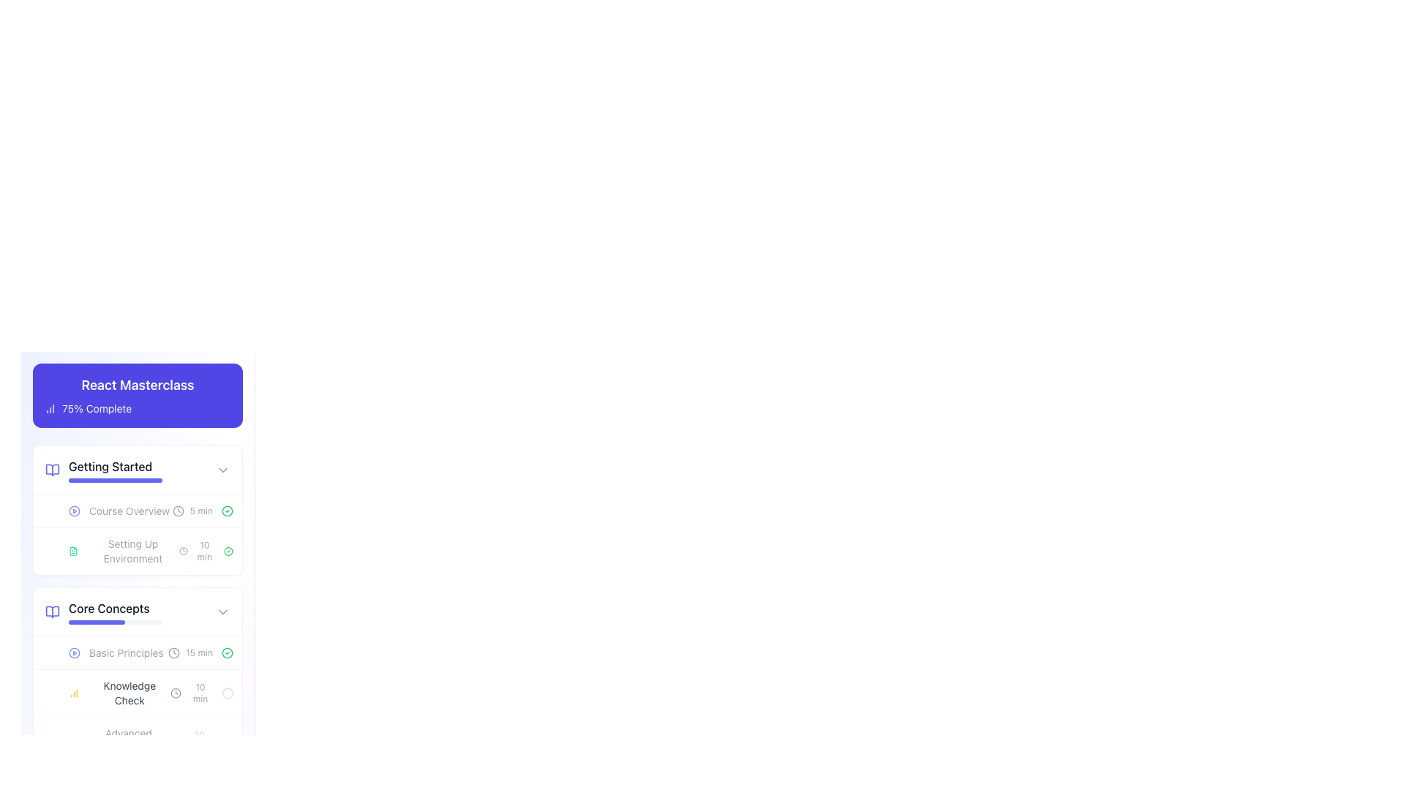 Image resolution: width=1405 pixels, height=790 pixels. I want to click on the interactive dropdown list item labeled 'Core Concepts' which contains an open book icon and a progress bar, located as the second module section in the course list, so click(138, 612).